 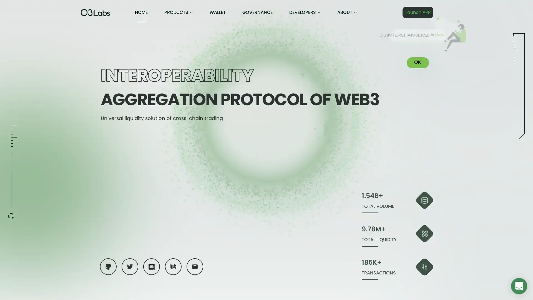 What do you see at coordinates (418, 12) in the screenshot?
I see `Launch APP` at bounding box center [418, 12].